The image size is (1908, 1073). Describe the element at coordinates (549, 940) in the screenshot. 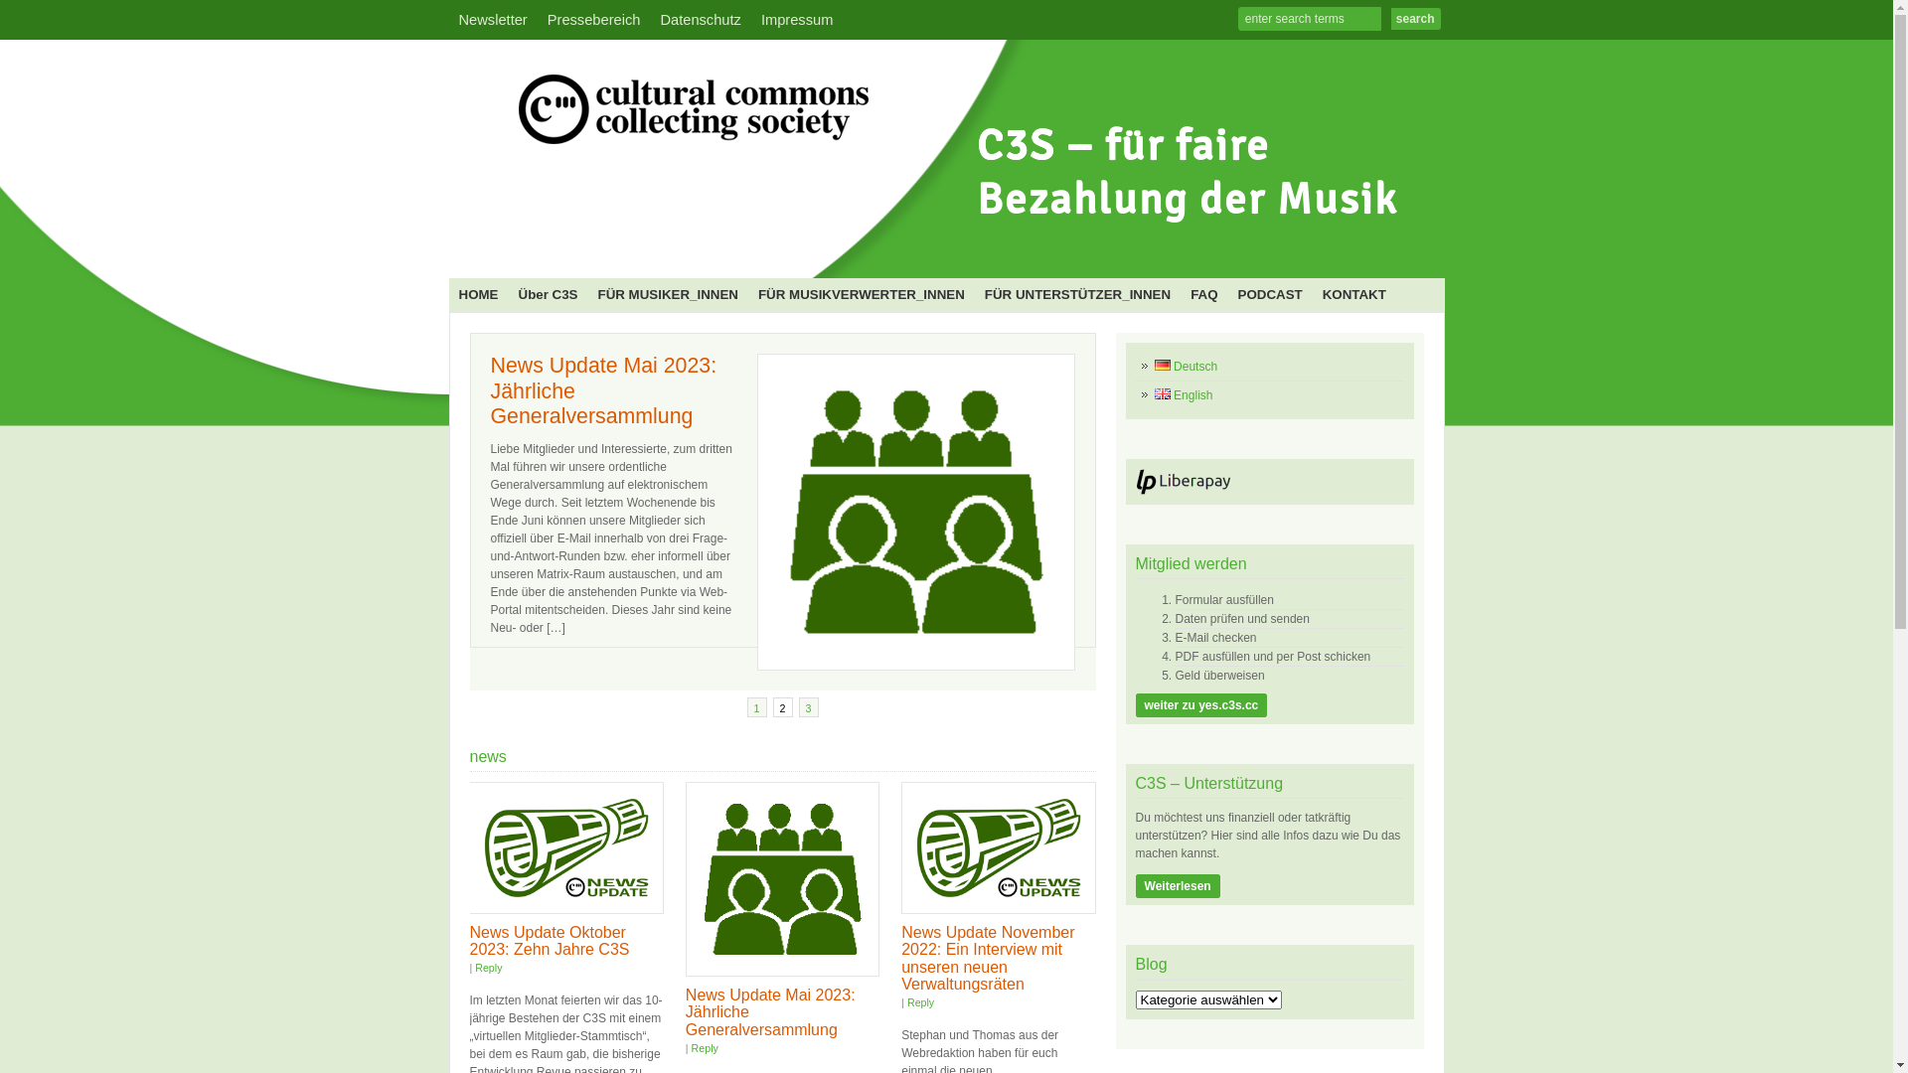

I see `'News Update Oktober 2023: Zehn Jahre C3S'` at that location.